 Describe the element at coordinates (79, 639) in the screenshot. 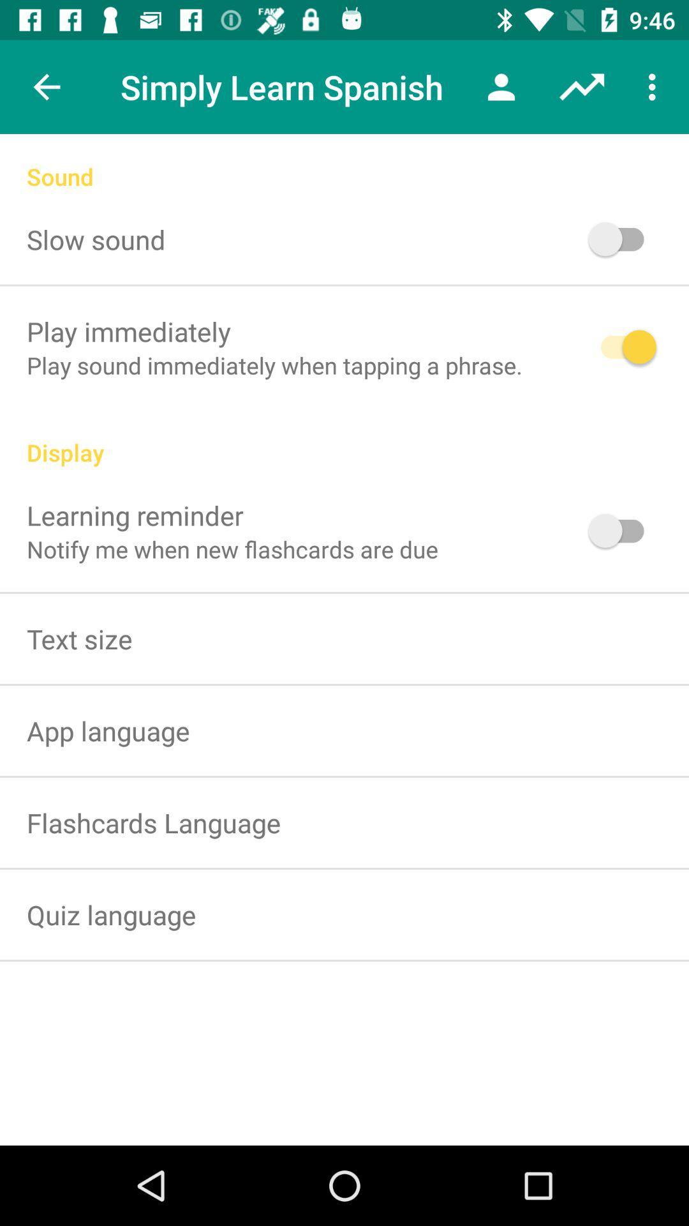

I see `the text size item` at that location.